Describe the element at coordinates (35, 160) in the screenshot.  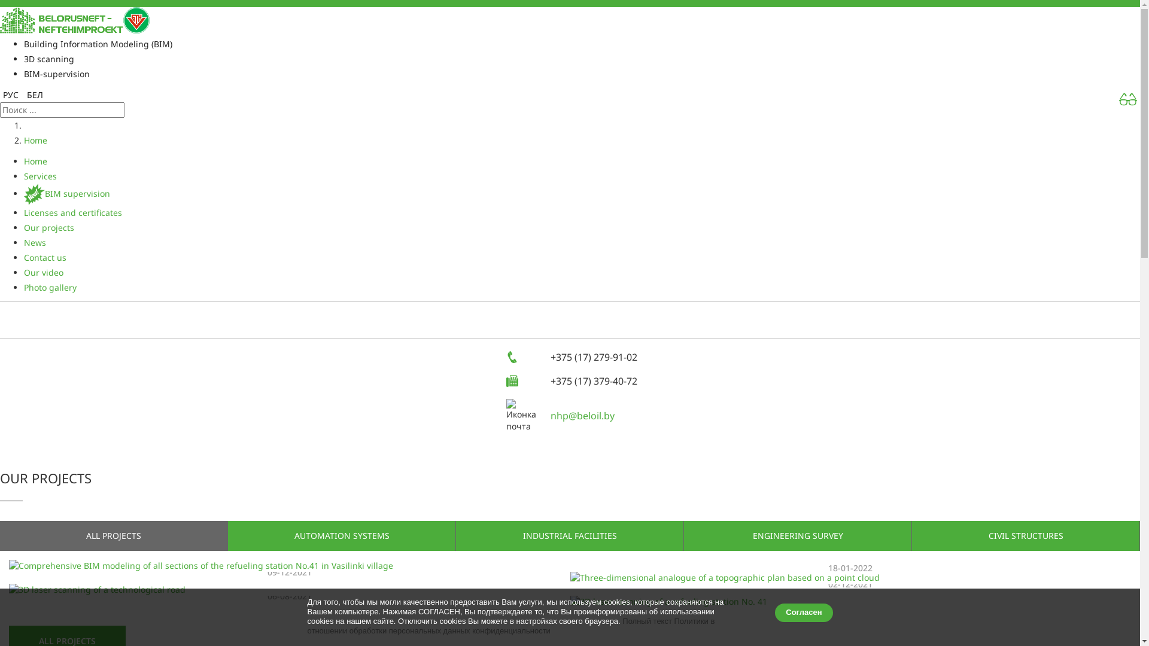
I see `'Home'` at that location.